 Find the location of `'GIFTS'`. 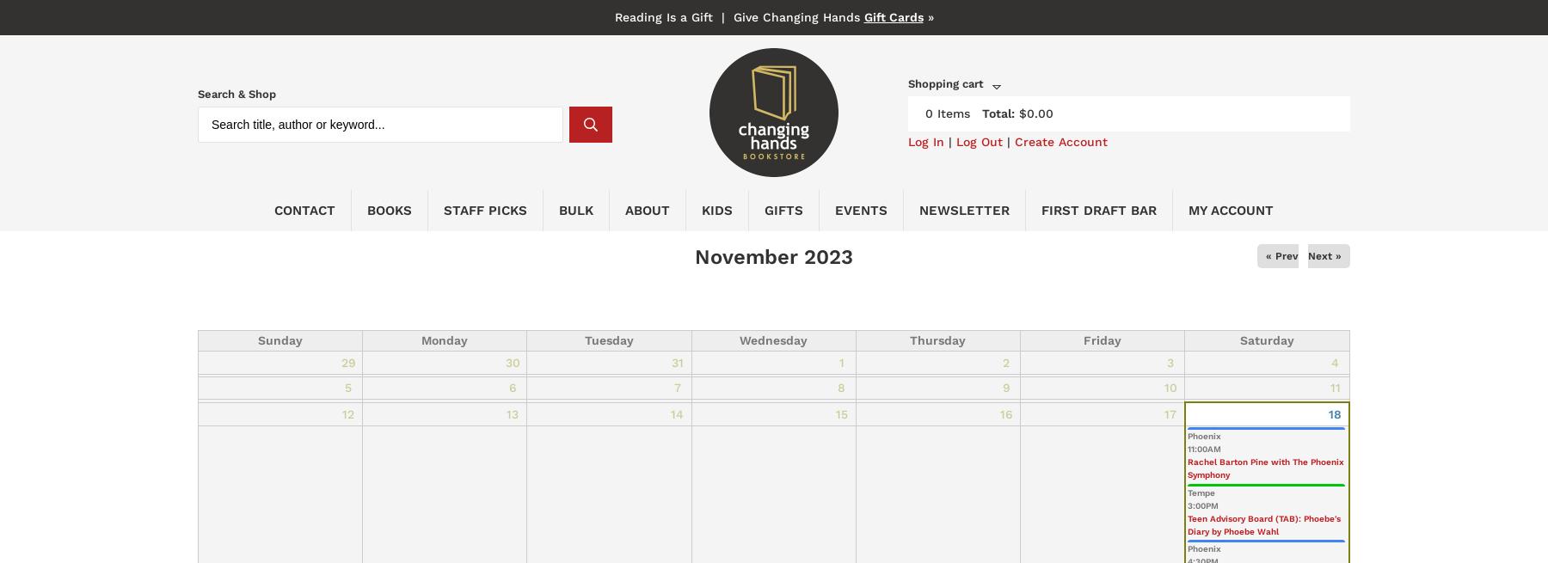

'GIFTS' is located at coordinates (783, 209).